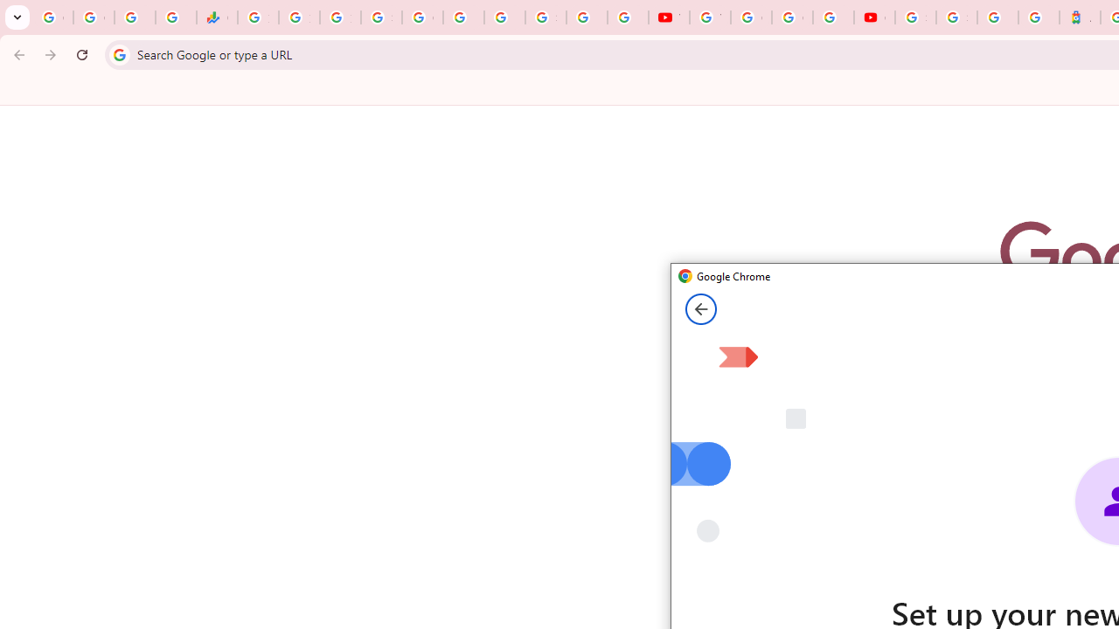  I want to click on 'Search icon', so click(118, 53).